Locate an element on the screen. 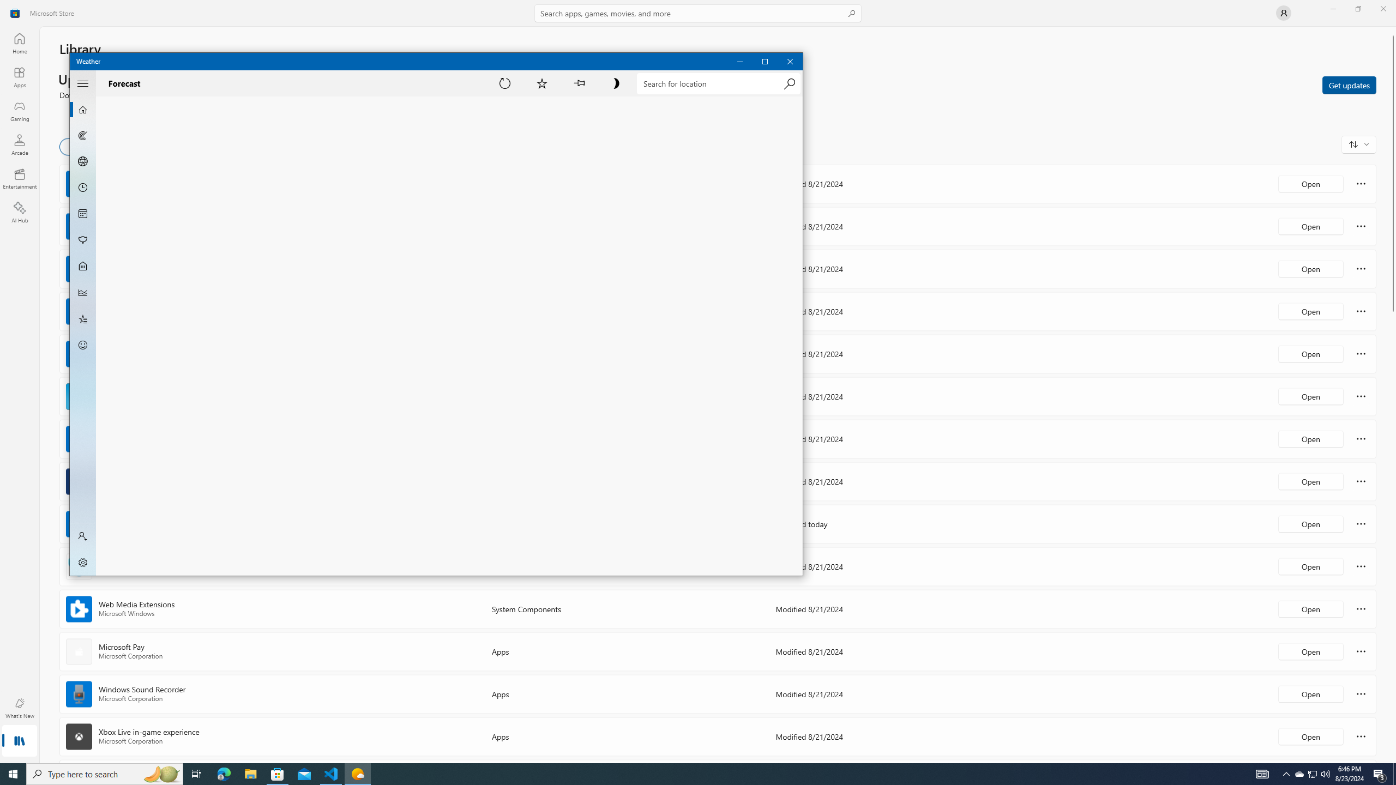 The width and height of the screenshot is (1396, 785). 'Get updates' is located at coordinates (1349, 84).